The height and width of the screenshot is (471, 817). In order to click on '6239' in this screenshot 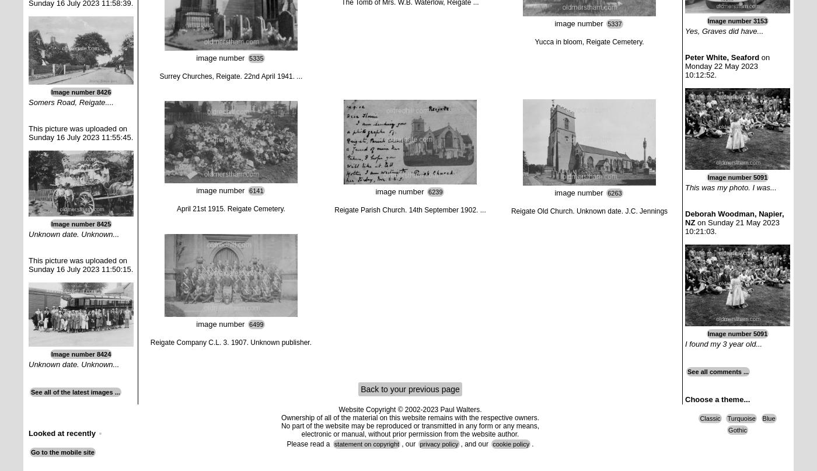, I will do `click(435, 192)`.